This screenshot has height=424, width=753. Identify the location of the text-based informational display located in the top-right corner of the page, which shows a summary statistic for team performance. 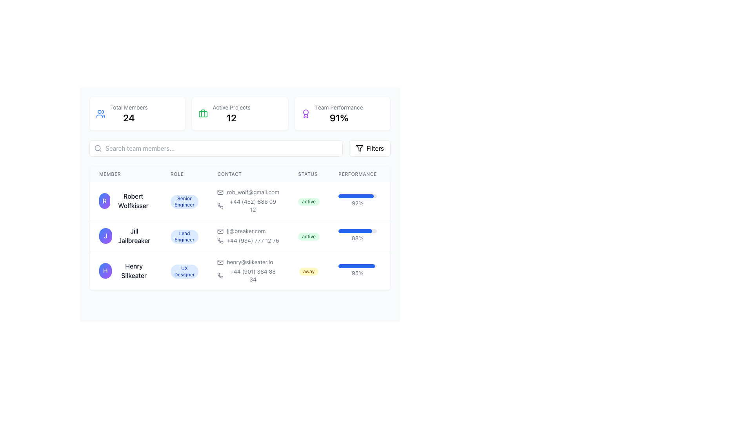
(339, 113).